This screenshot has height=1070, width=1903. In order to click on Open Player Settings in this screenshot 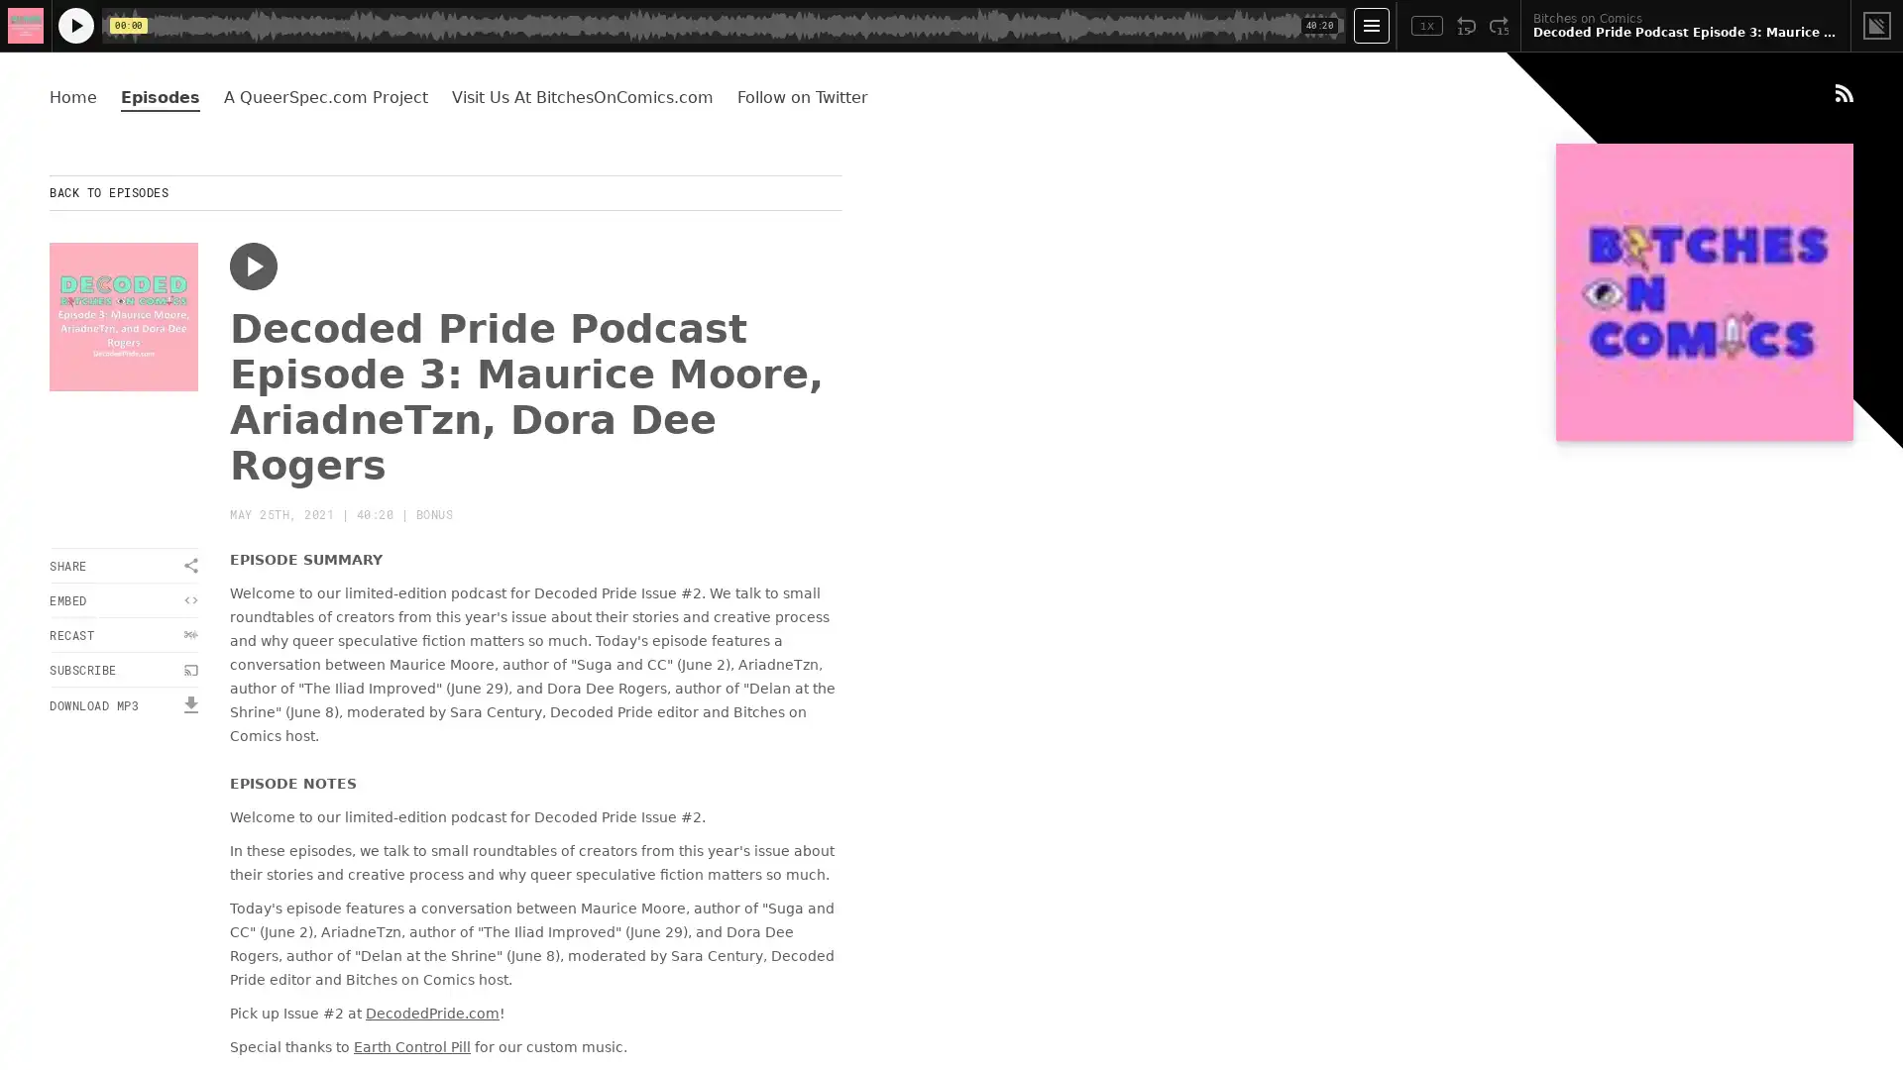, I will do `click(1370, 26)`.